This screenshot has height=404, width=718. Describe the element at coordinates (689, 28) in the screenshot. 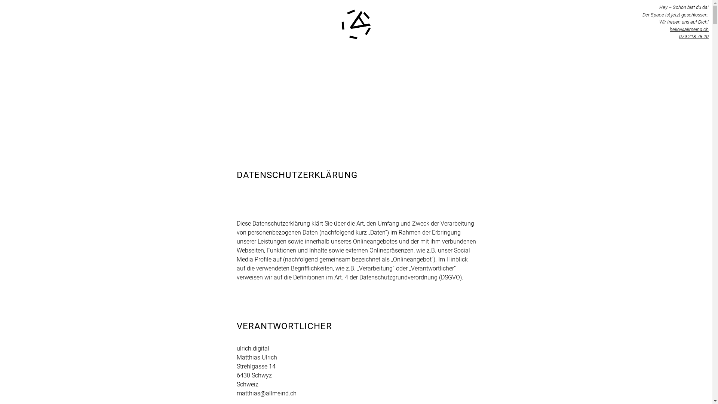

I see `'hello@allmeind.ch'` at that location.